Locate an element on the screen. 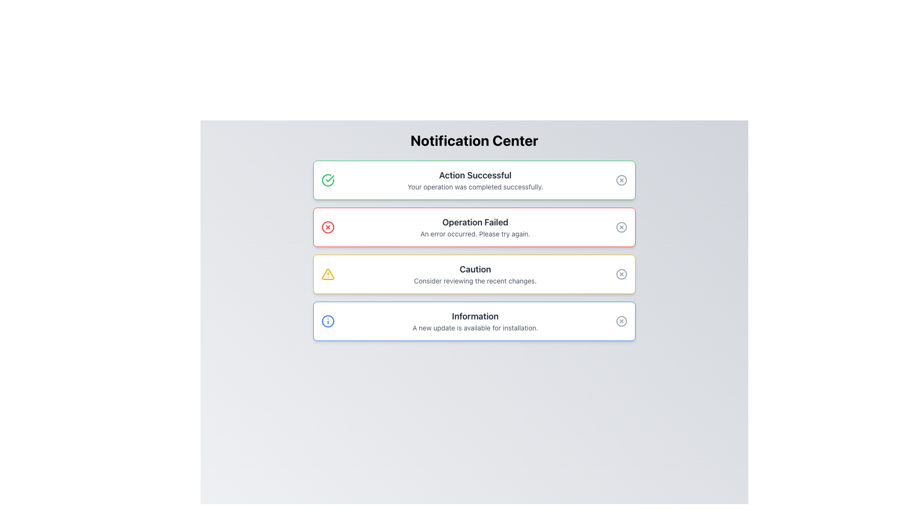  the Text block that notifies users about the availability of a new update, located within the last notification card below the 'Caution' notification is located at coordinates (475, 321).